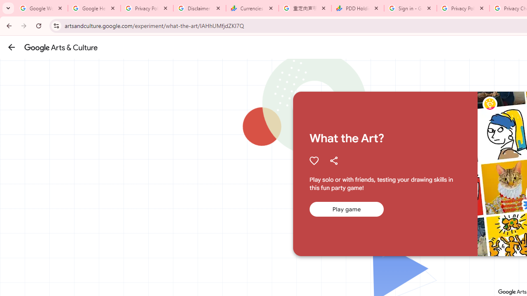 This screenshot has width=527, height=296. Describe the element at coordinates (56, 25) in the screenshot. I see `'View site information'` at that location.